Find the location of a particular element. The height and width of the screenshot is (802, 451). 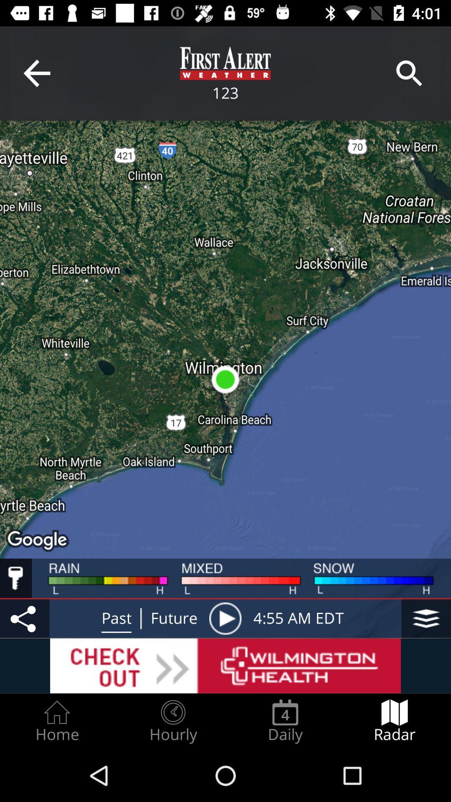

the layers icon is located at coordinates (426, 618).